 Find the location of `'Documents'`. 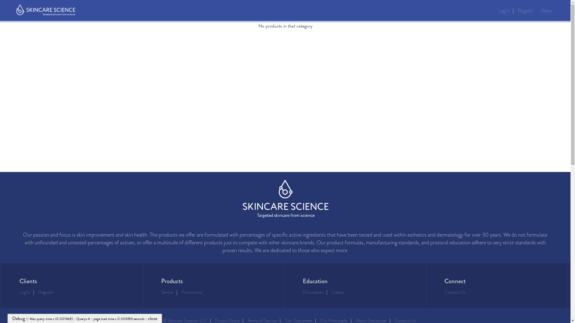

'Documents' is located at coordinates (312, 292).